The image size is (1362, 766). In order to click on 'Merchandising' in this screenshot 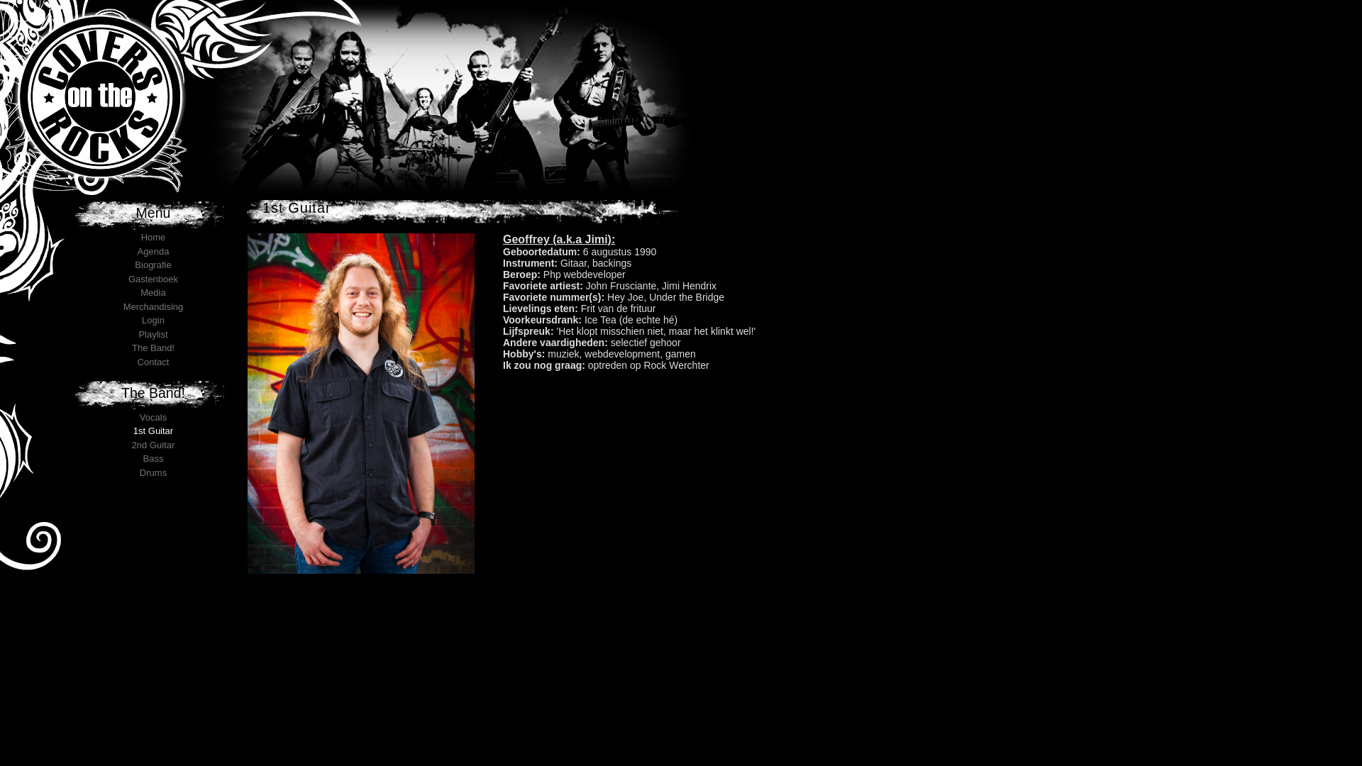, I will do `click(153, 305)`.